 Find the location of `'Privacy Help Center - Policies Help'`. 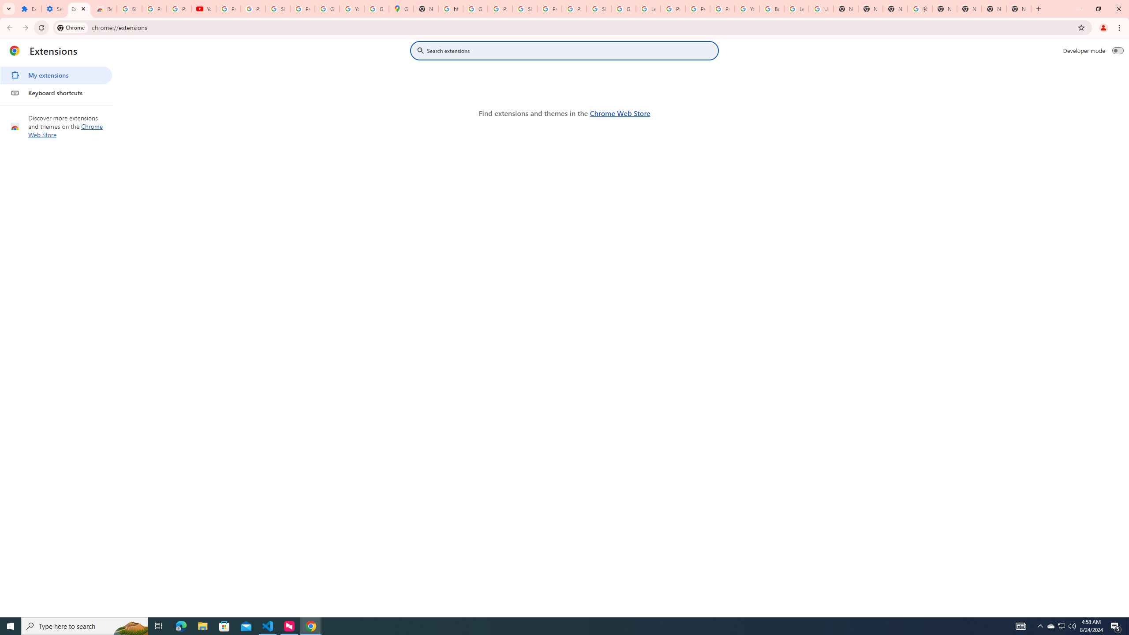

'Privacy Help Center - Policies Help' is located at coordinates (697, 8).